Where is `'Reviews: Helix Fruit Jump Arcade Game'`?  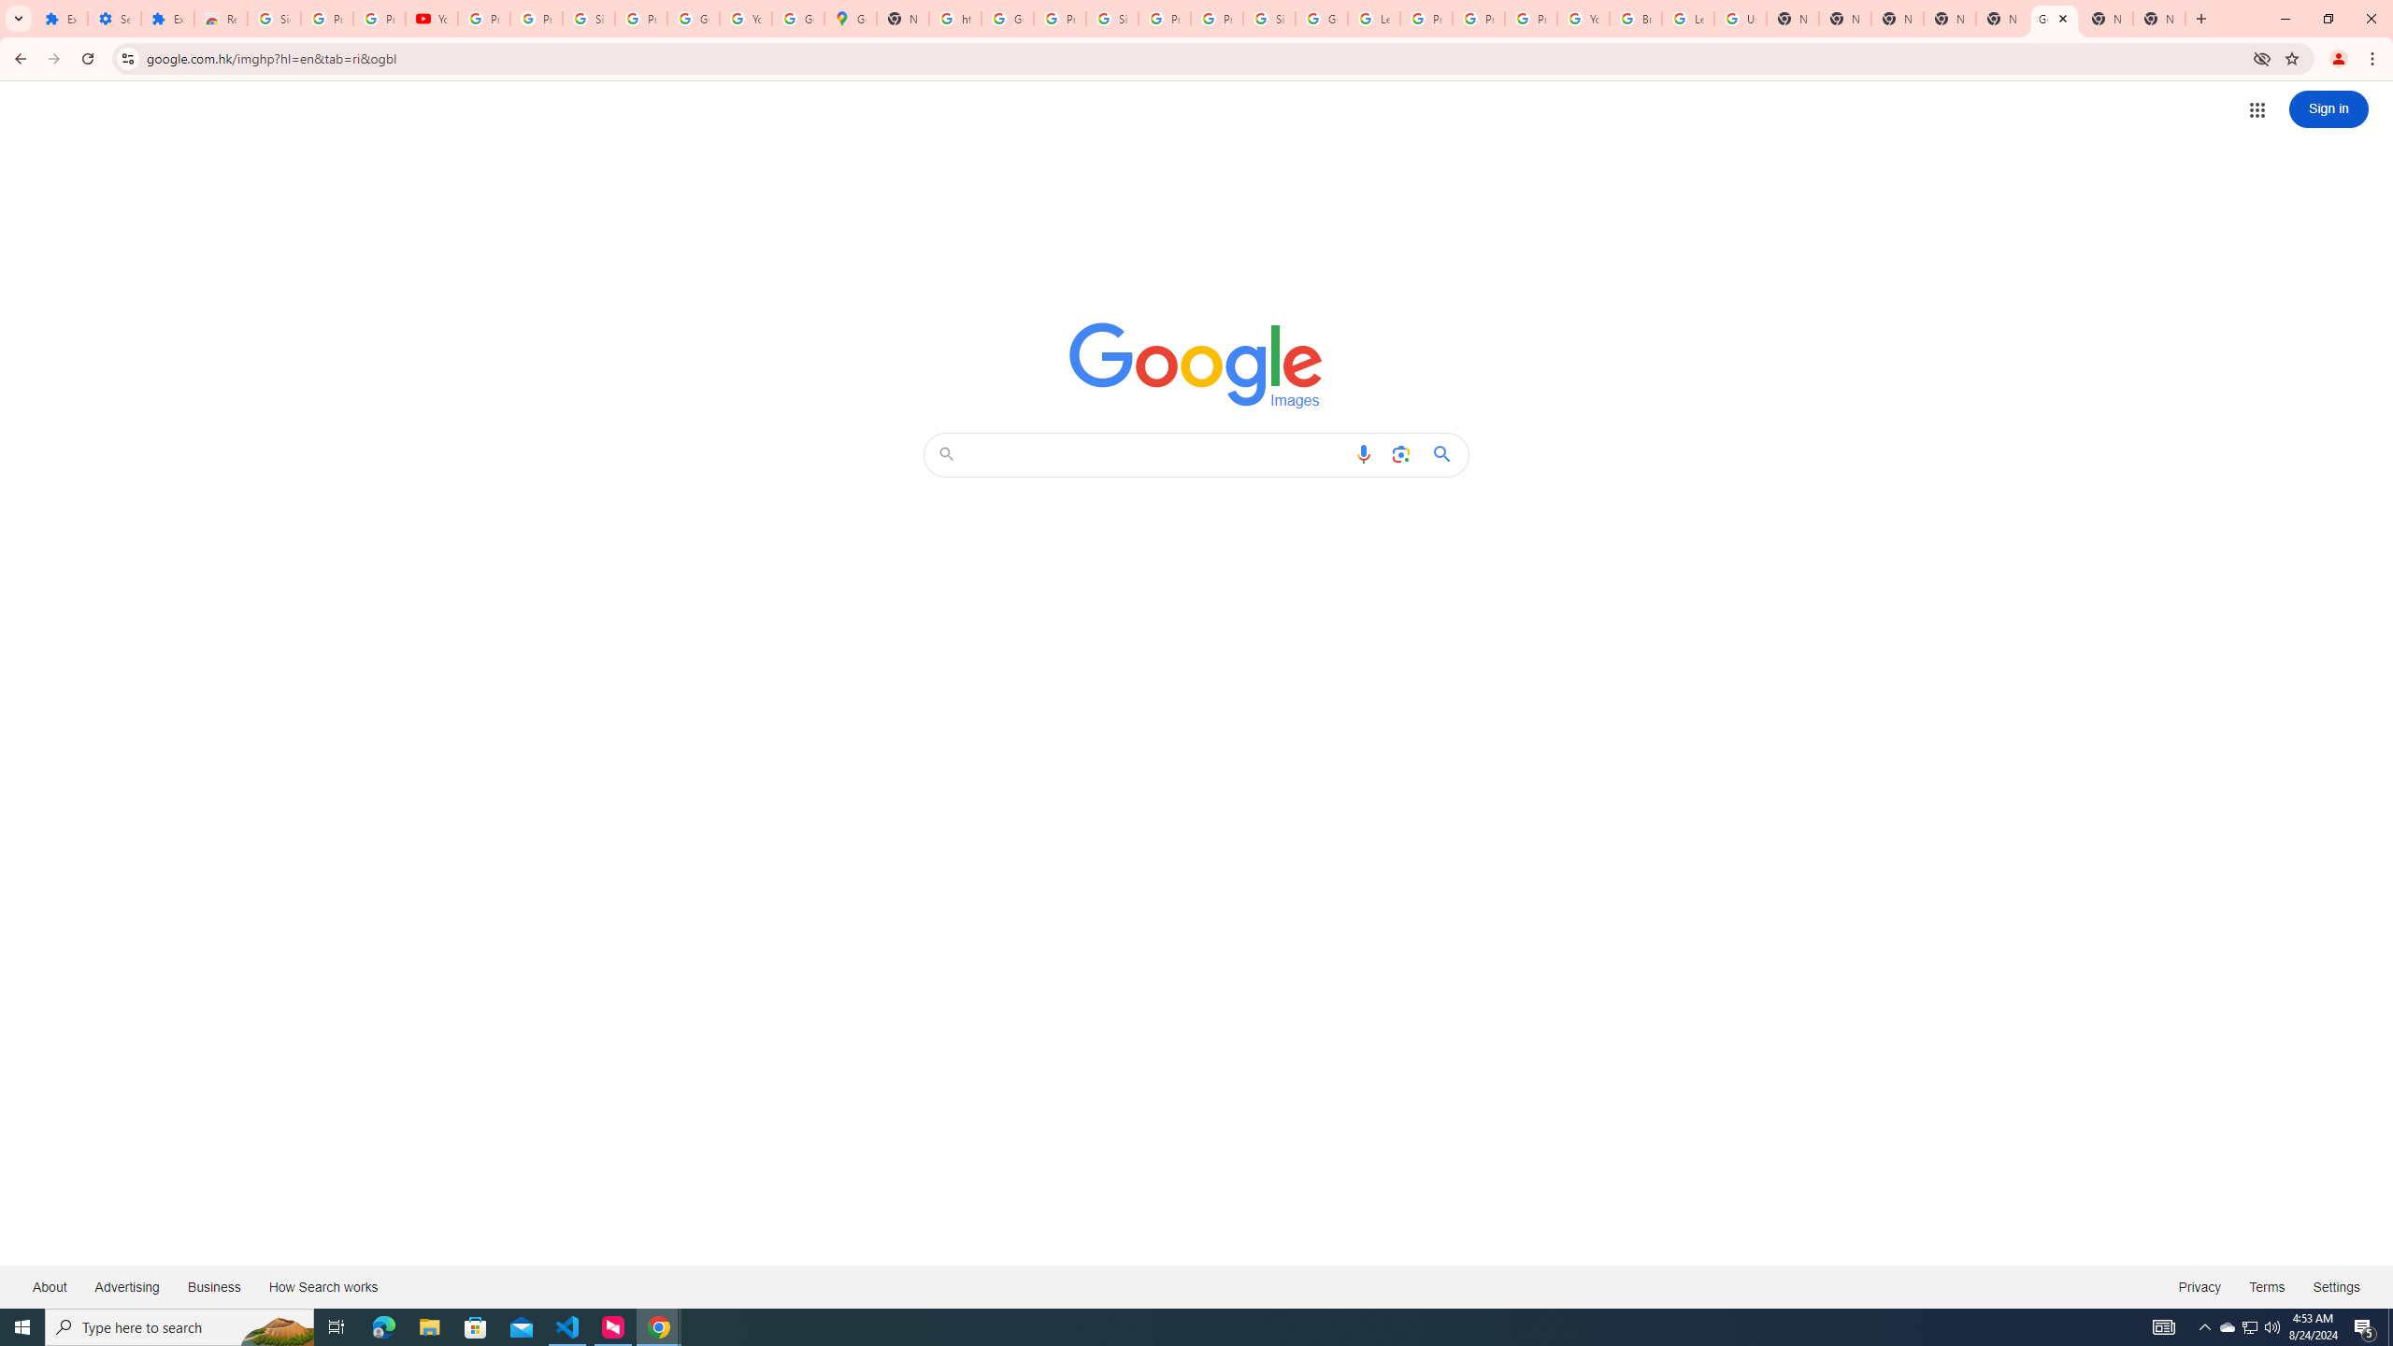
'Reviews: Helix Fruit Jump Arcade Game' is located at coordinates (221, 18).